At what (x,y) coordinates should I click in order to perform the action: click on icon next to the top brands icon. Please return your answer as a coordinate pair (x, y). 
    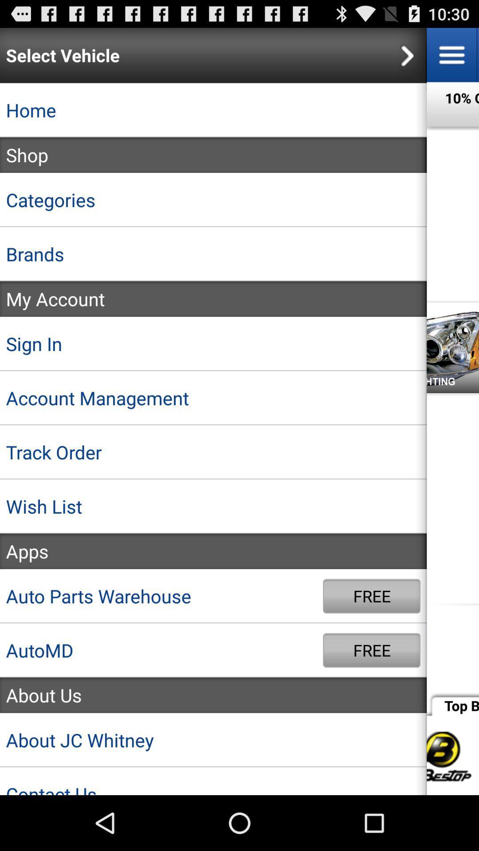
    Looking at the image, I should click on (213, 695).